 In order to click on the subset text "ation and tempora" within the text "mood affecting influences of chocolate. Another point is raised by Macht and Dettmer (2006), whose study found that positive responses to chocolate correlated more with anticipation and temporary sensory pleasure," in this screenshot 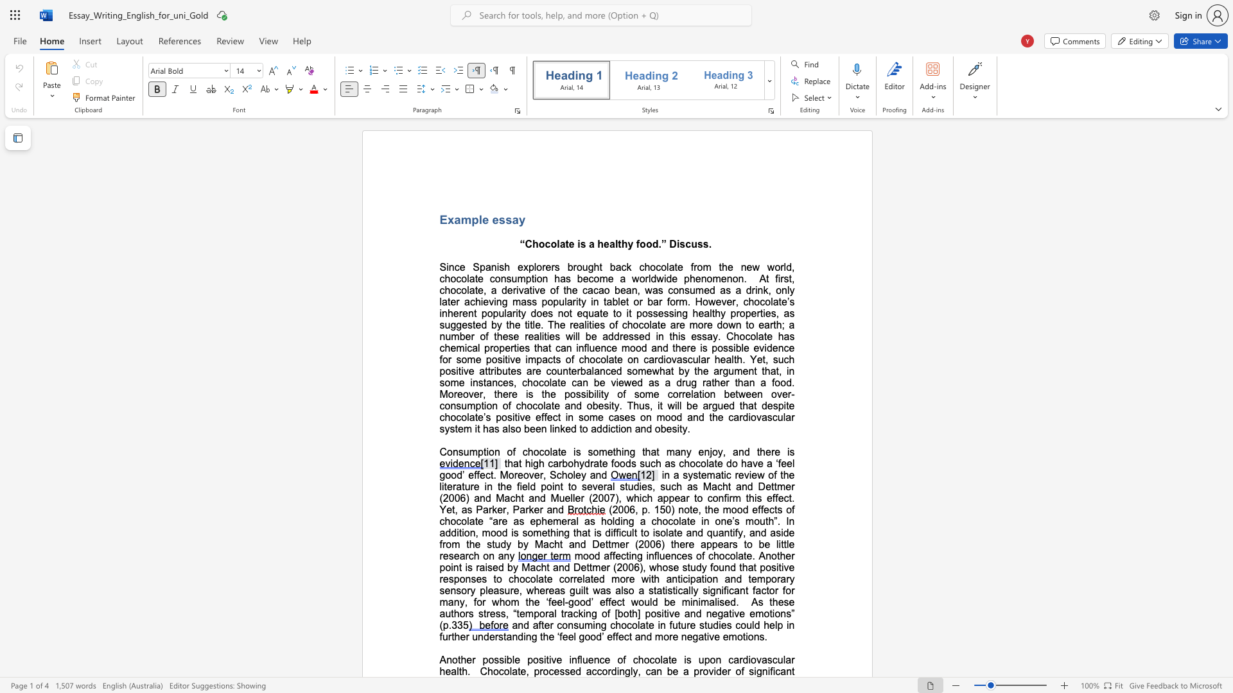, I will do `click(695, 579)`.